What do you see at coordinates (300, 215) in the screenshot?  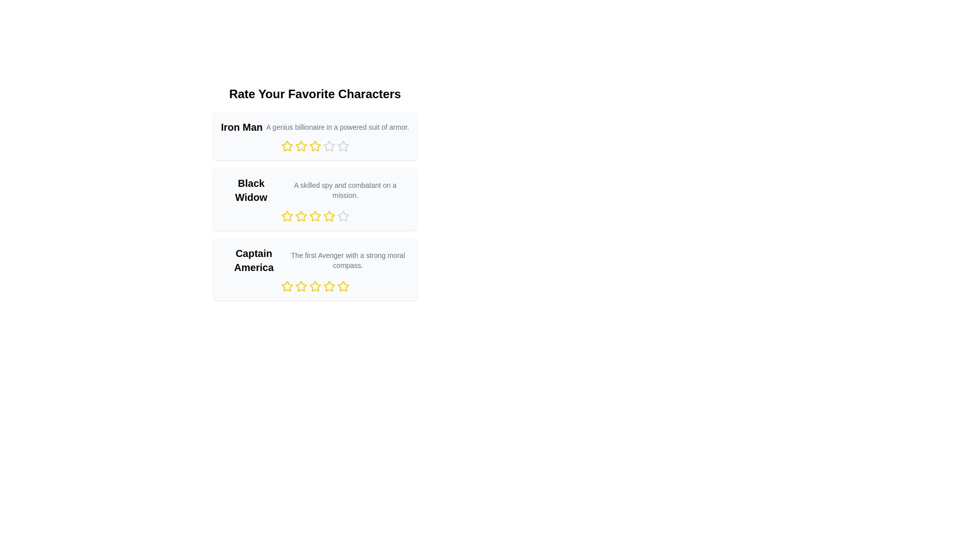 I see `over the second yellow outlined star icon in the rating section of the 'Black Widow' card` at bounding box center [300, 215].